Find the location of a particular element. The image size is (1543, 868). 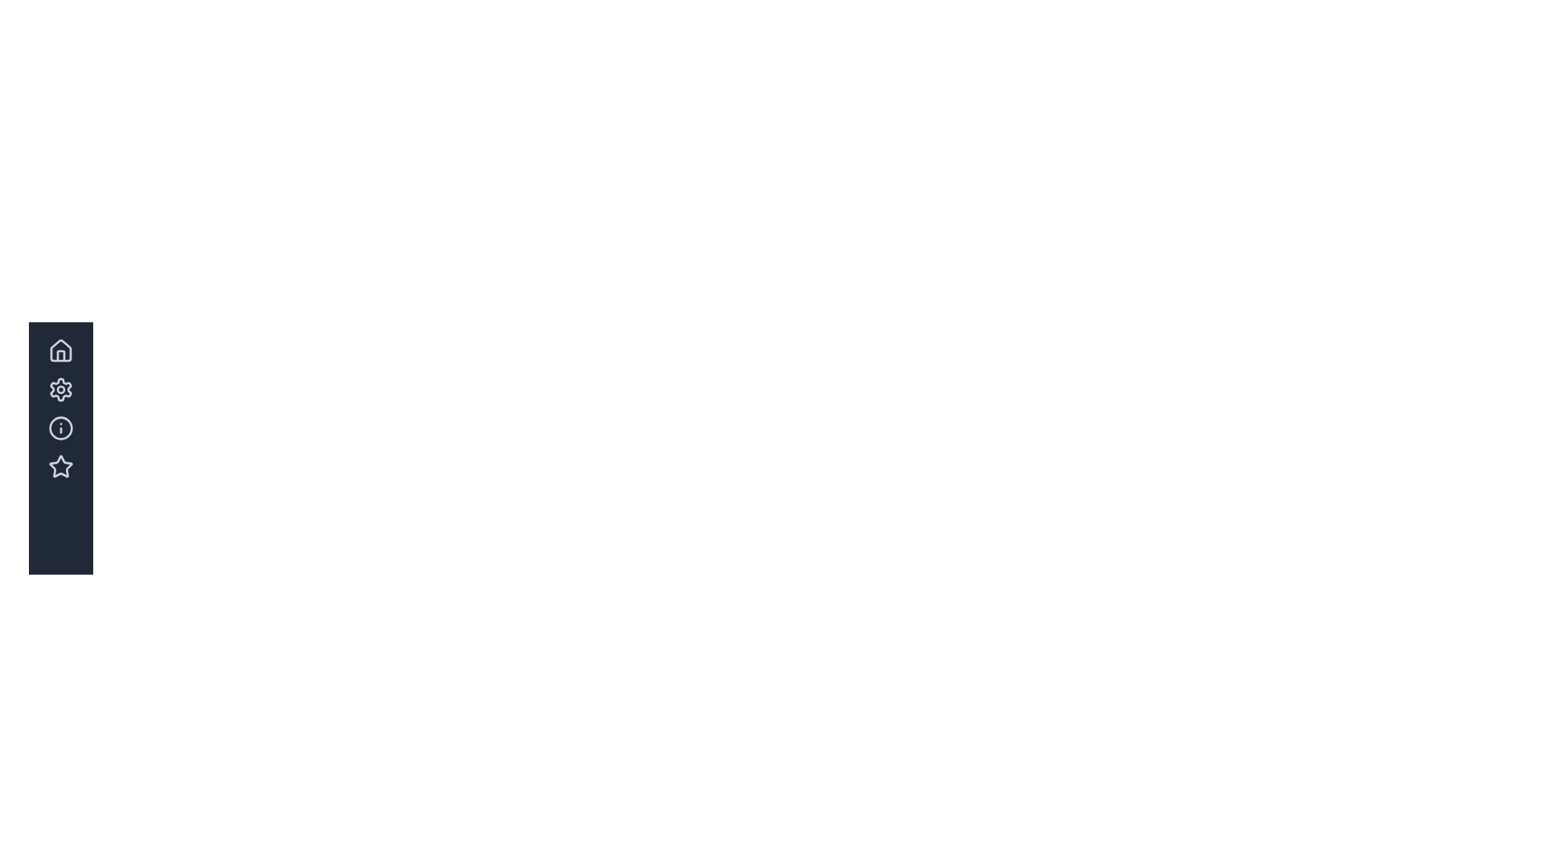

the gear-shaped icon in the second entry of the vertical menu on the left-hand side is located at coordinates (60, 390).